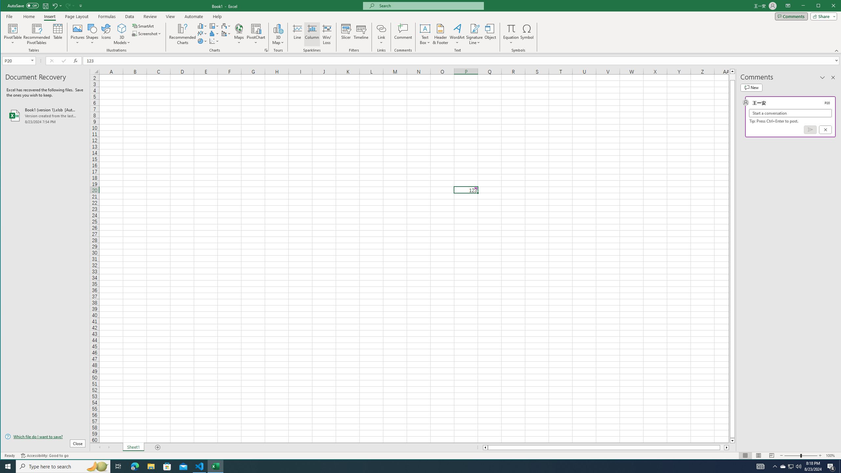 The image size is (841, 473). What do you see at coordinates (490, 34) in the screenshot?
I see `'Object...'` at bounding box center [490, 34].